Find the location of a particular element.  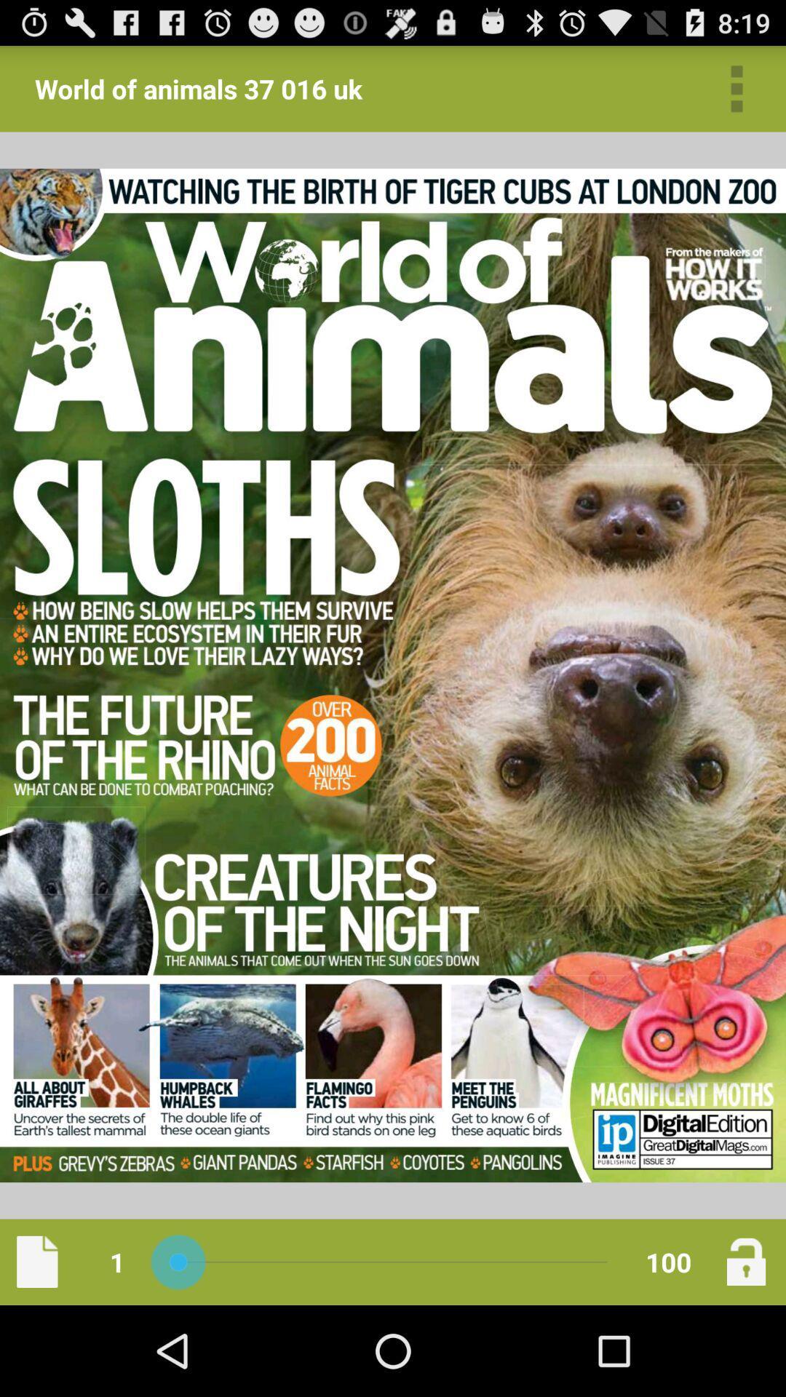

app to the right of the world of animals app is located at coordinates (737, 88).